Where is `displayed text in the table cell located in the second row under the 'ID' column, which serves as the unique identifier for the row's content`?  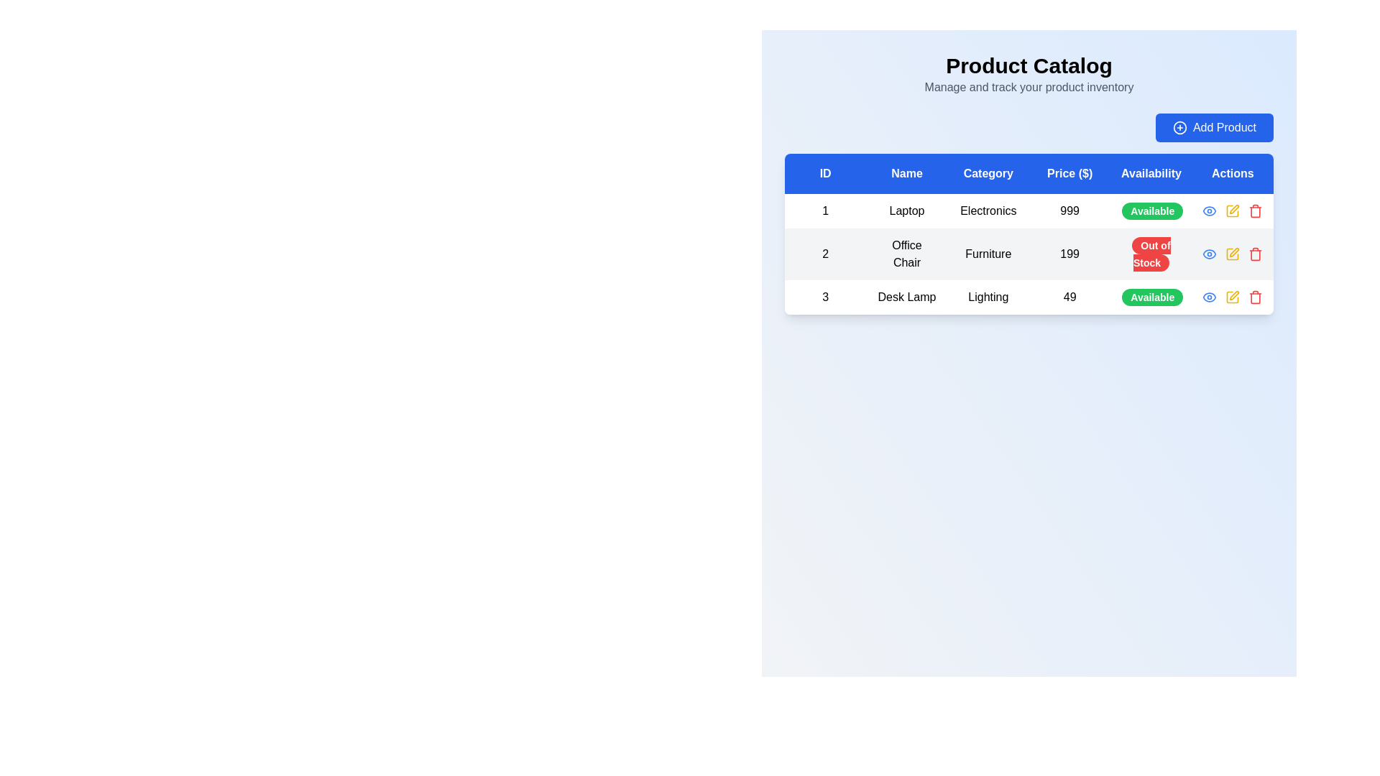
displayed text in the table cell located in the second row under the 'ID' column, which serves as the unique identifier for the row's content is located at coordinates (825, 254).